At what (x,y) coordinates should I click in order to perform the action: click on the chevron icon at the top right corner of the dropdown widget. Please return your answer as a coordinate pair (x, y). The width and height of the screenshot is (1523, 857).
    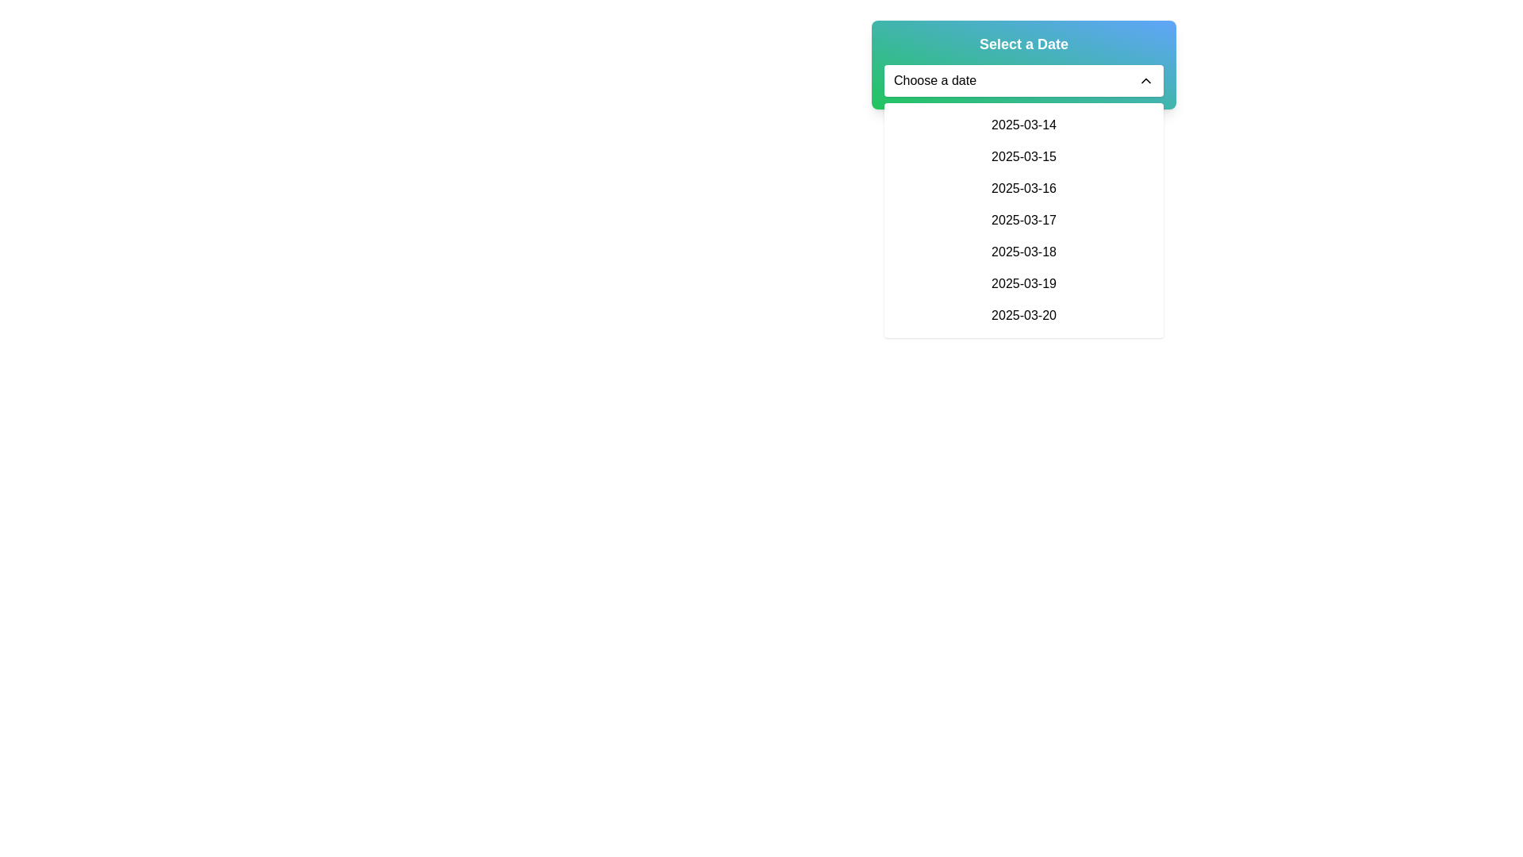
    Looking at the image, I should click on (1145, 80).